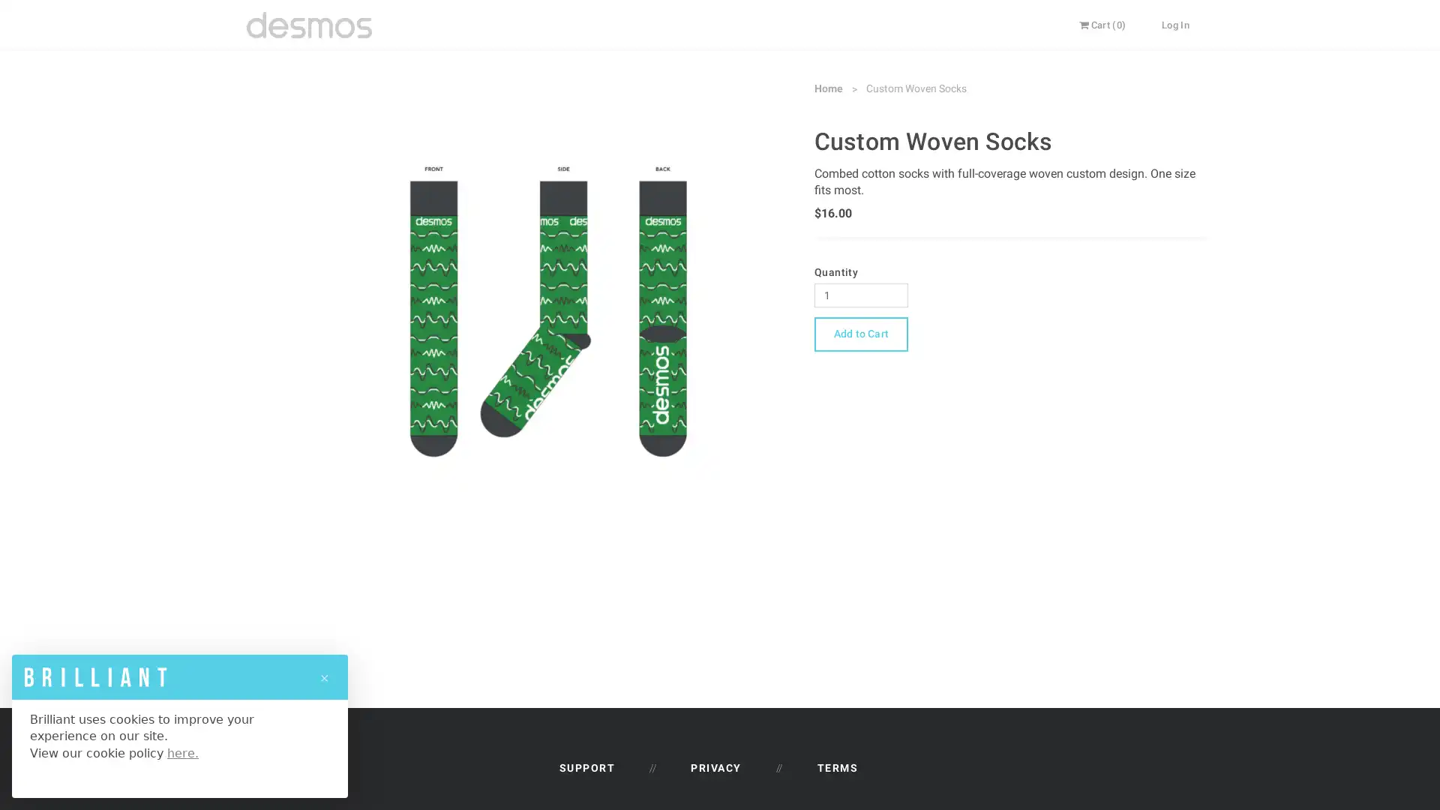 This screenshot has height=810, width=1440. I want to click on Add to Cart, so click(860, 332).